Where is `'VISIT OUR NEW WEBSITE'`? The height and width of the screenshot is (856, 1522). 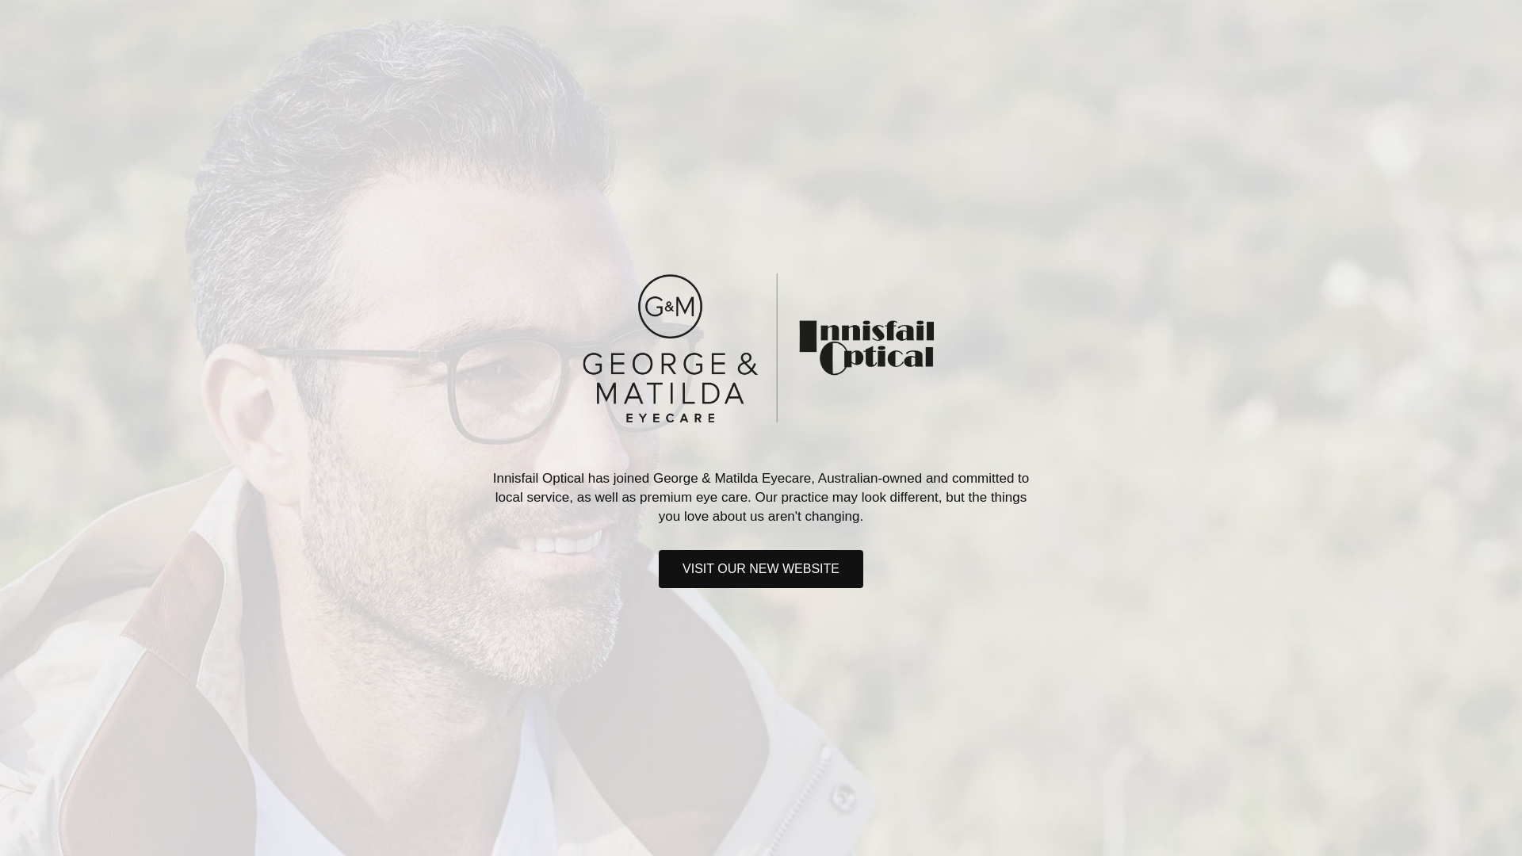
'VISIT OUR NEW WEBSITE' is located at coordinates (761, 567).